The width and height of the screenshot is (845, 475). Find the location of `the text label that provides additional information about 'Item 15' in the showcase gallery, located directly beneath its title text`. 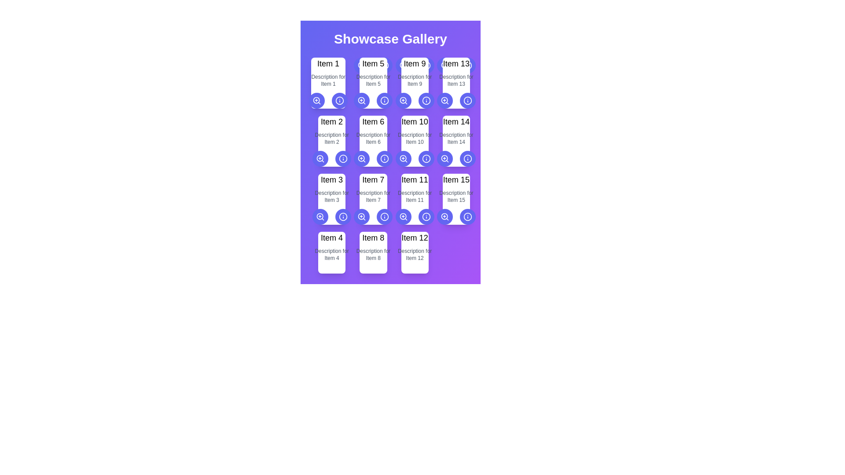

the text label that provides additional information about 'Item 15' in the showcase gallery, located directly beneath its title text is located at coordinates (456, 196).